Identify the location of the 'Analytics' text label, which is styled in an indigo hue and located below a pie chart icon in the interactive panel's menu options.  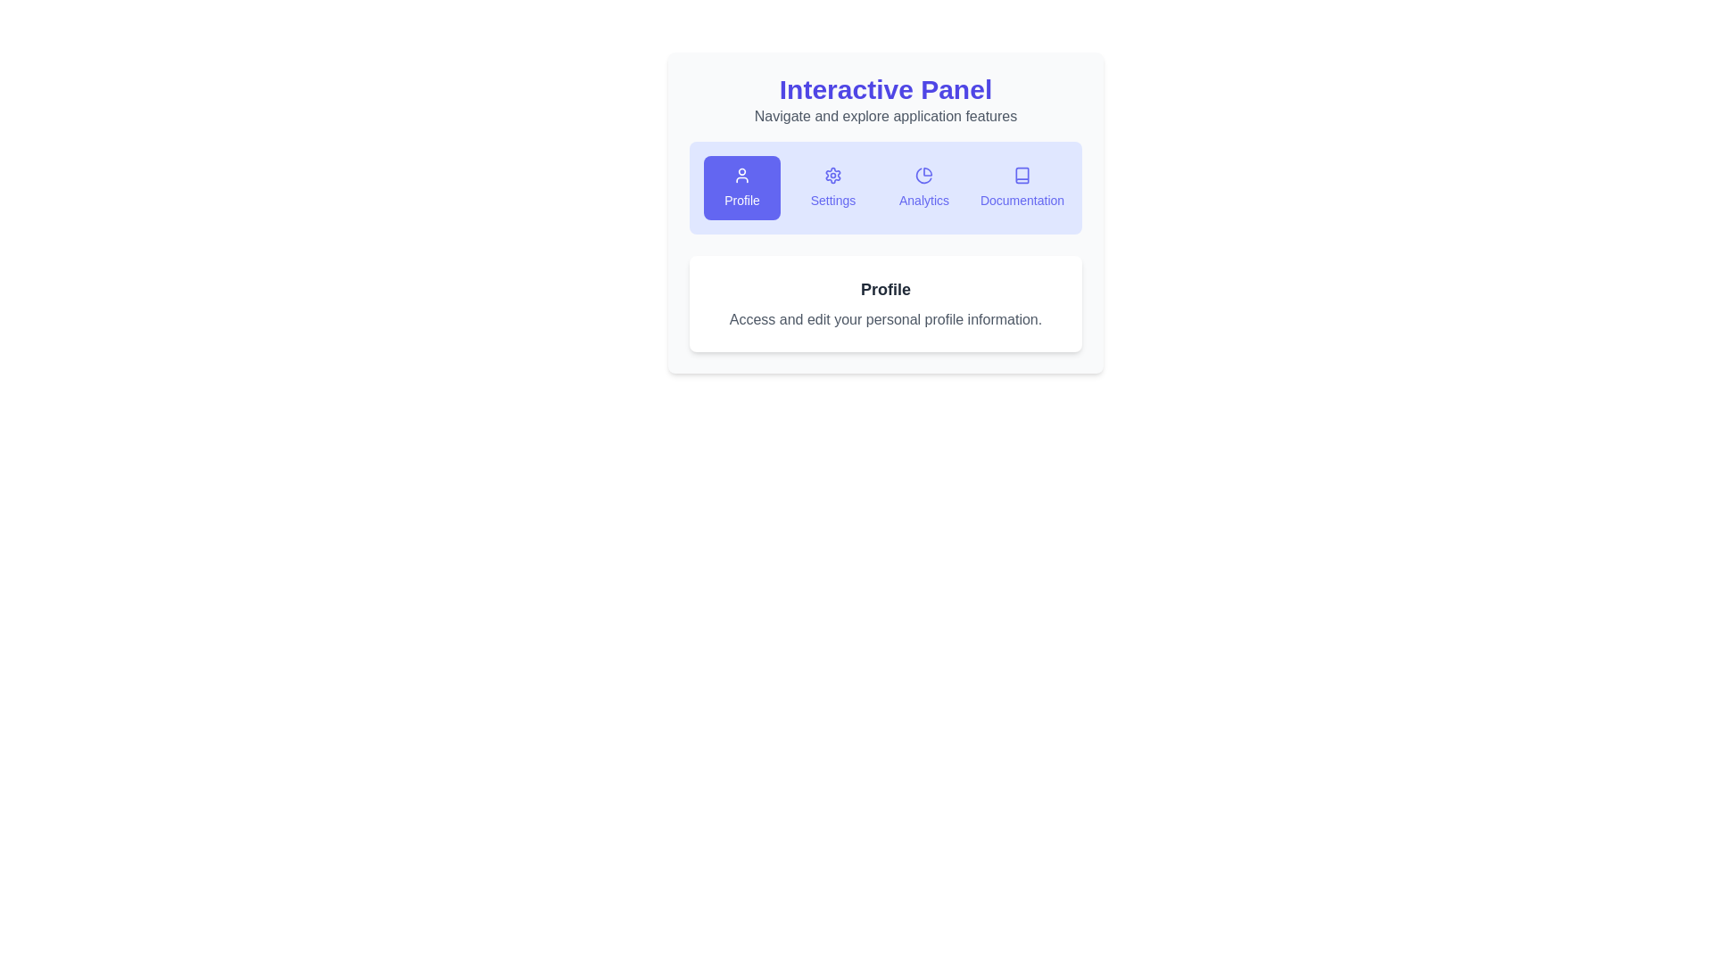
(924, 200).